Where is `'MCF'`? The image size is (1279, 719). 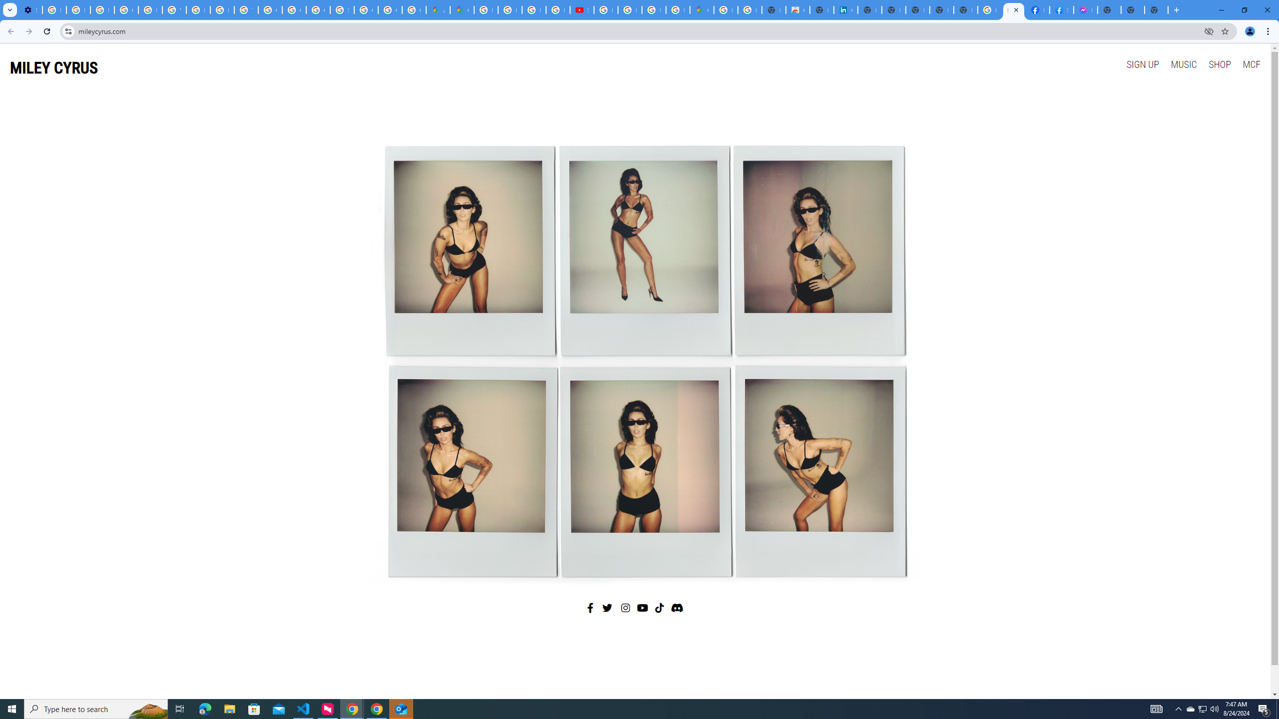 'MCF' is located at coordinates (1251, 63).